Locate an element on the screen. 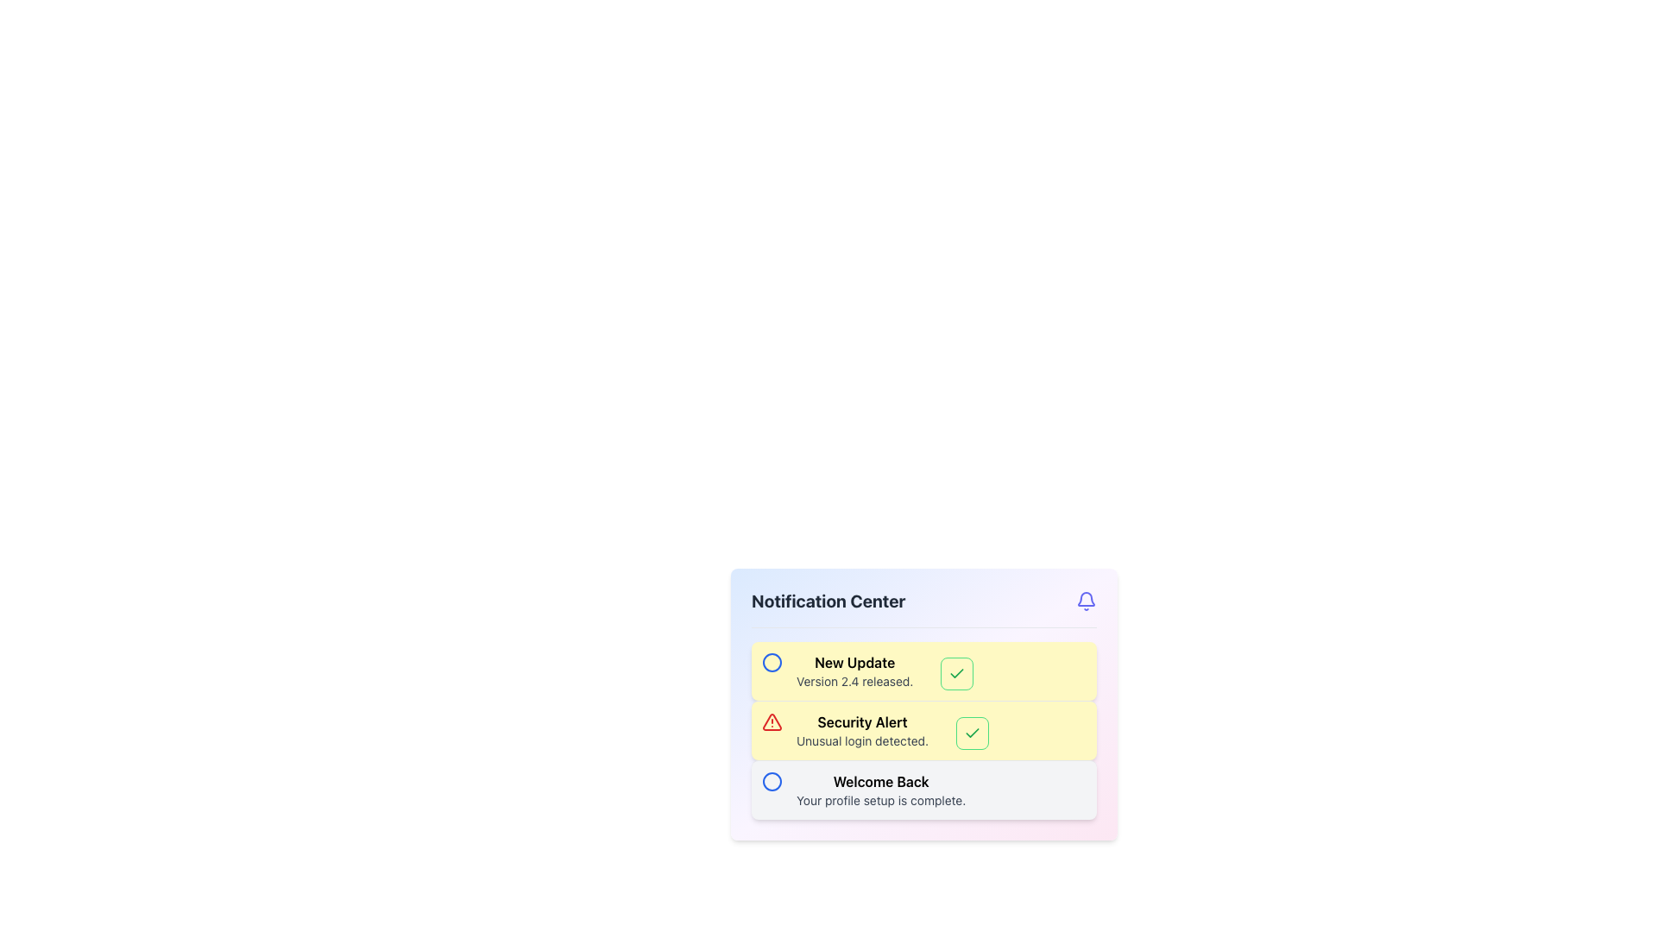 The height and width of the screenshot is (932, 1657). the second notification item in the 'Notification Center' panel to acknowledge or access more details about the unusual login activity alert is located at coordinates (862, 731).